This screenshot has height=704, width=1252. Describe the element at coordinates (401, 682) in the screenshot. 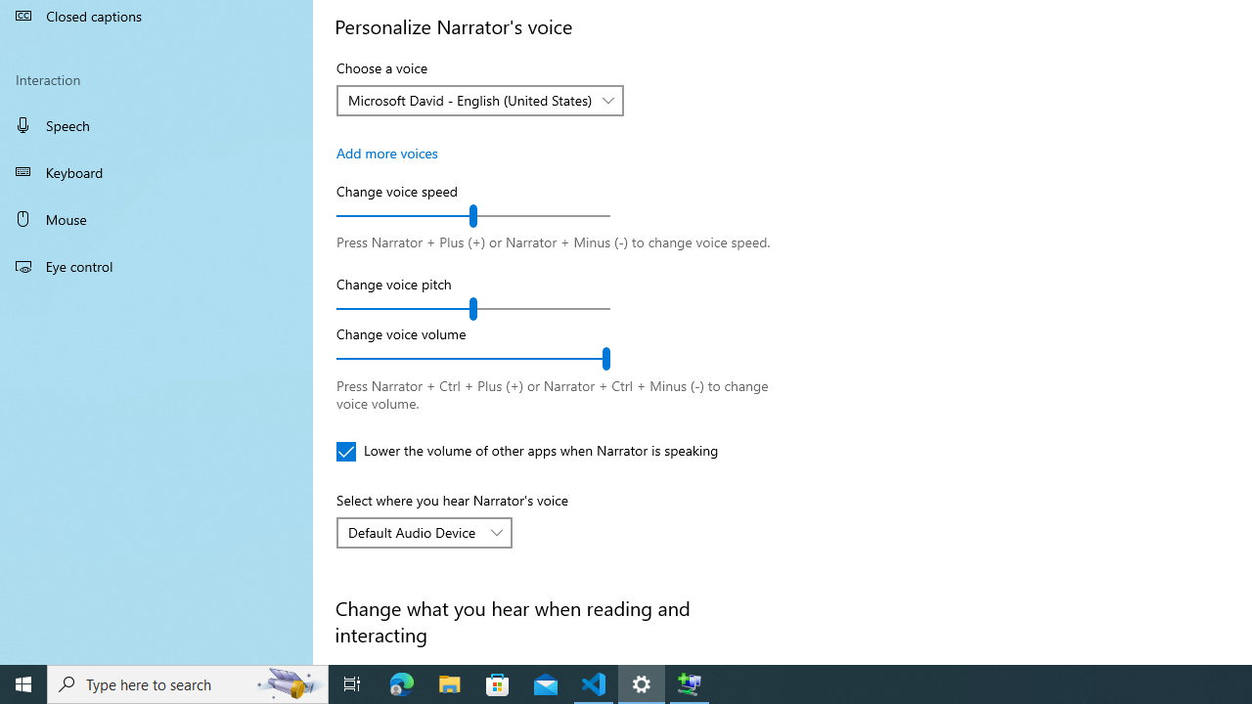

I see `'Microsoft Edge'` at that location.